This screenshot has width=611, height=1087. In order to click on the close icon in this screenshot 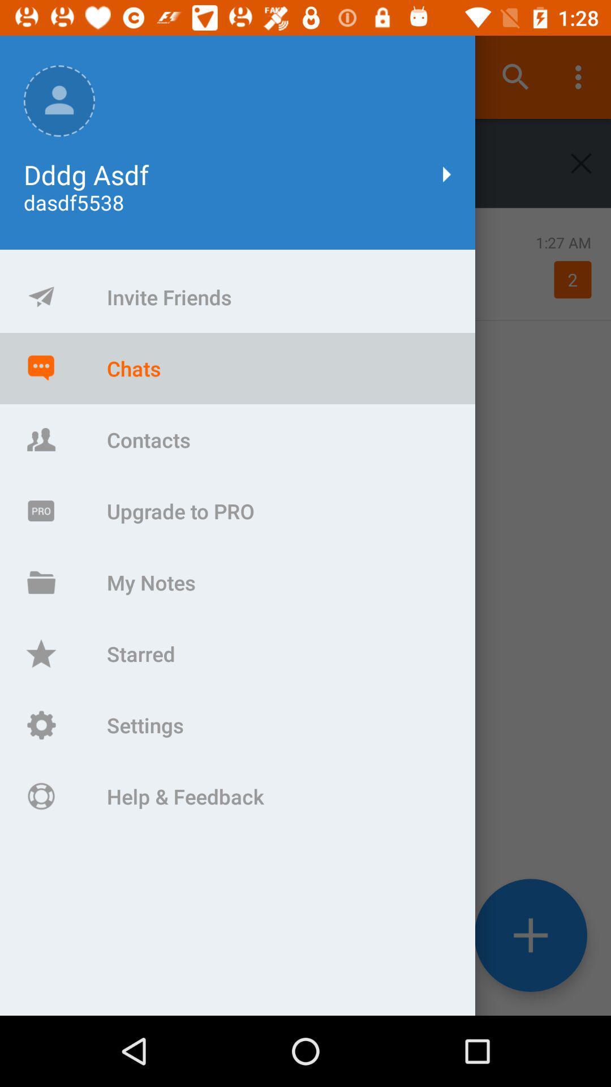, I will do `click(581, 162)`.